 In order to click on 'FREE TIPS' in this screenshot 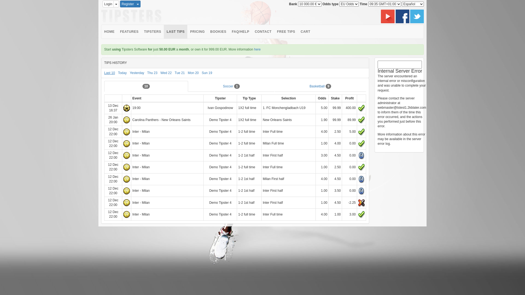, I will do `click(286, 31)`.